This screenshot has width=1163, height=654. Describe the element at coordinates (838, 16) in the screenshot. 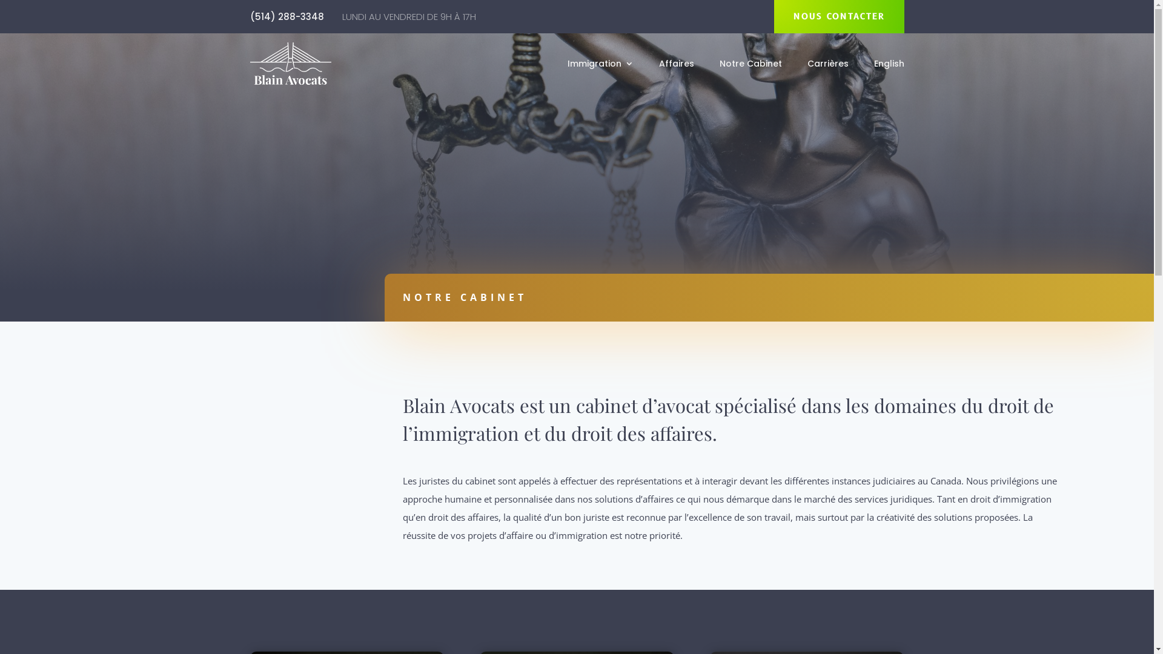

I see `'NOUS CONTACTER'` at that location.